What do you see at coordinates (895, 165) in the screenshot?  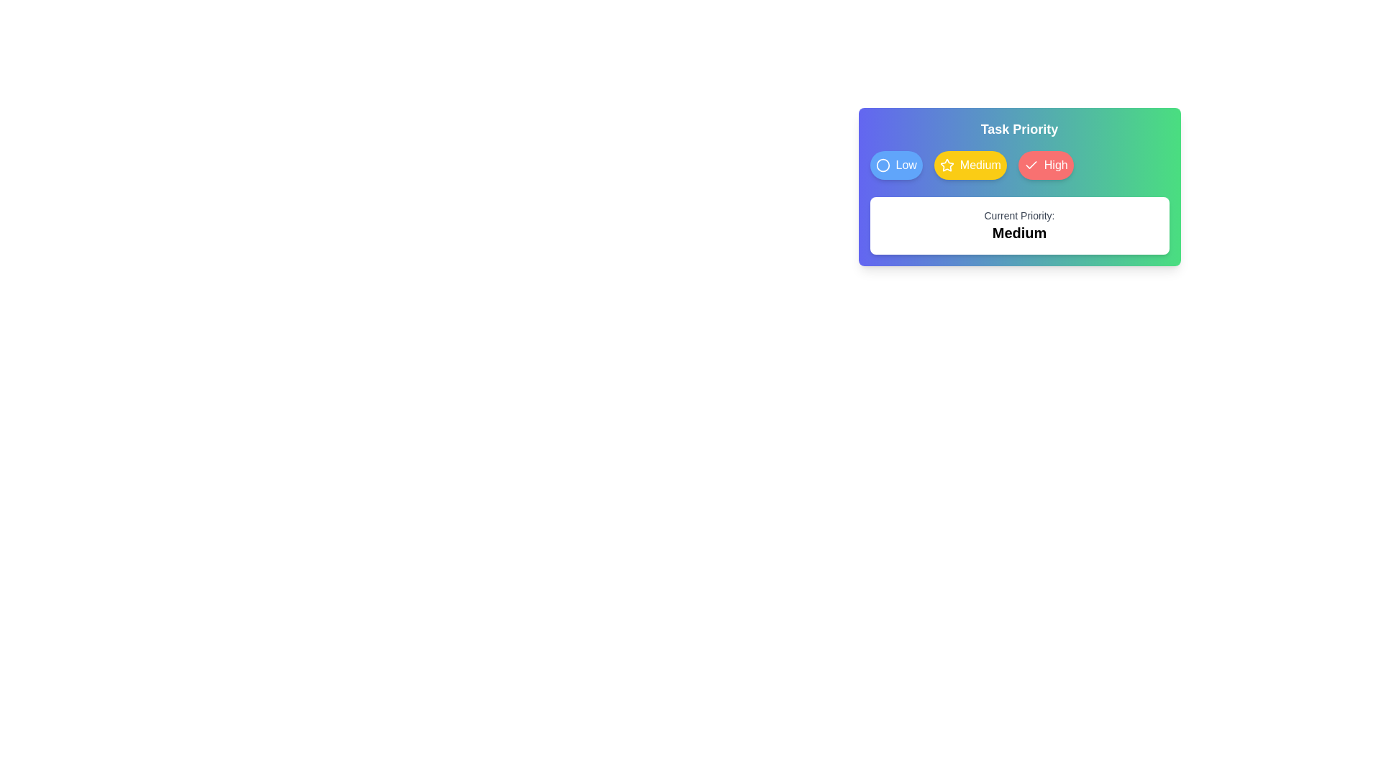 I see `the circular button labeled 'Low' with a light blue background to indicate focus` at bounding box center [895, 165].